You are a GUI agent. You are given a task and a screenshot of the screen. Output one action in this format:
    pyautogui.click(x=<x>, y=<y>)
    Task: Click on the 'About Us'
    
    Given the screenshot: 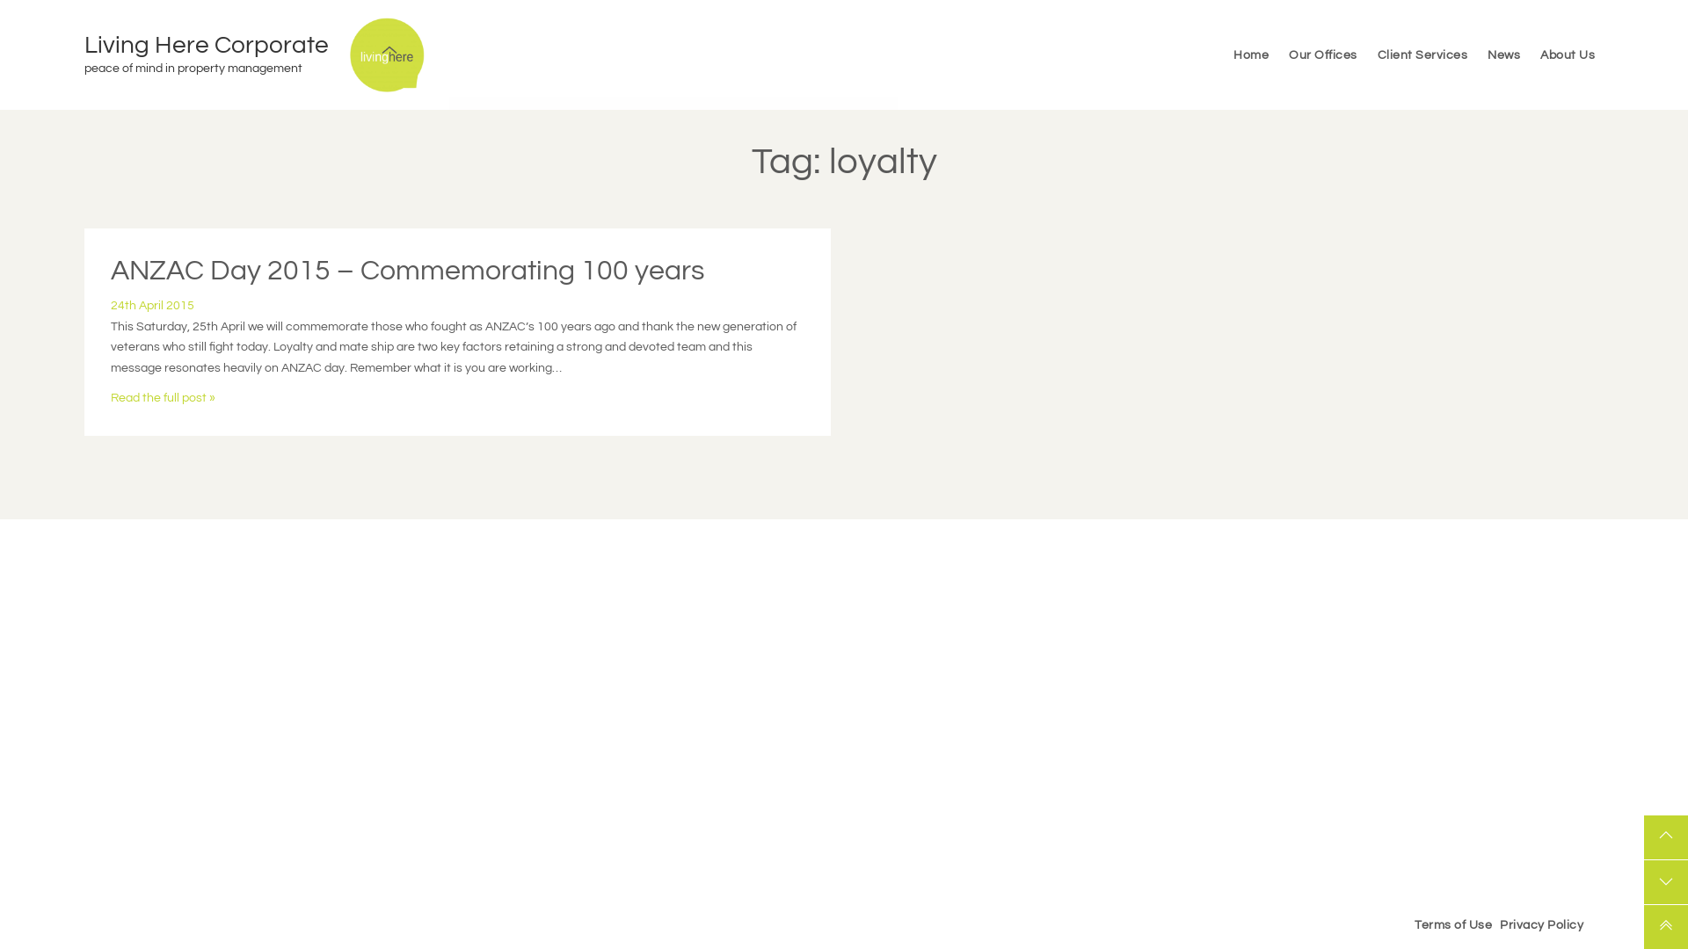 What is the action you would take?
    pyautogui.click(x=1531, y=53)
    